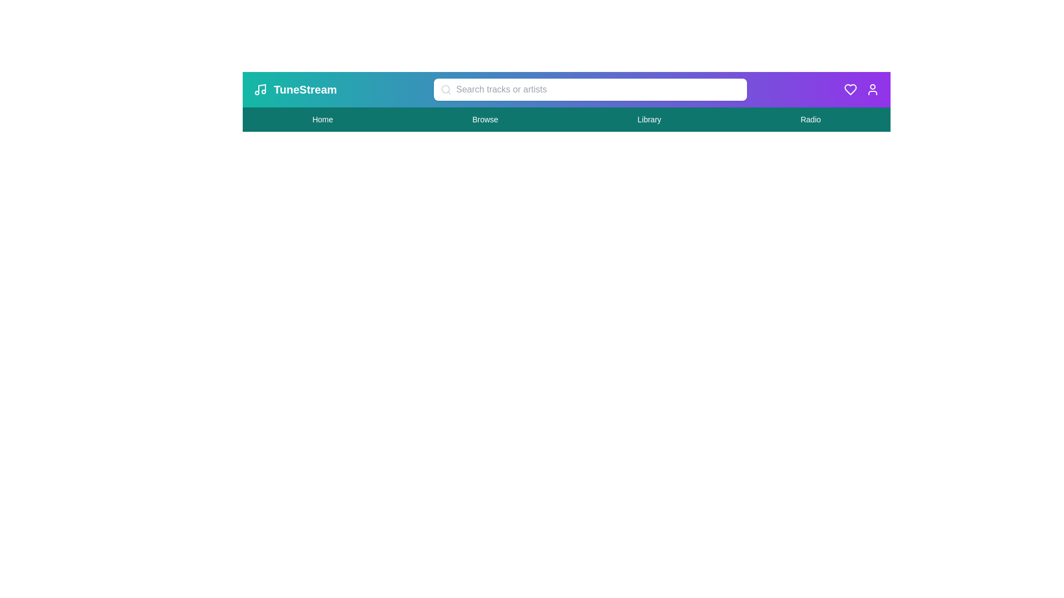 The image size is (1064, 598). I want to click on the 'Home' navigation link, so click(321, 120).